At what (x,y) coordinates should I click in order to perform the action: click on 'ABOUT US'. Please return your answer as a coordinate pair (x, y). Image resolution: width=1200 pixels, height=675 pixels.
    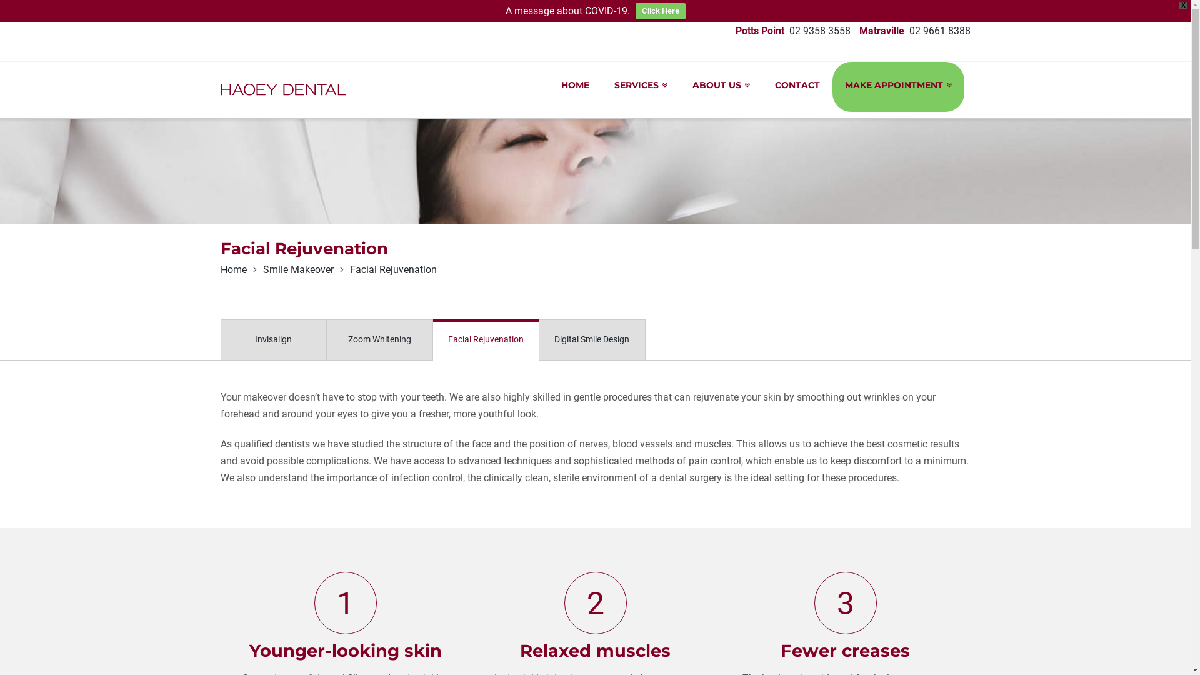
    Looking at the image, I should click on (721, 86).